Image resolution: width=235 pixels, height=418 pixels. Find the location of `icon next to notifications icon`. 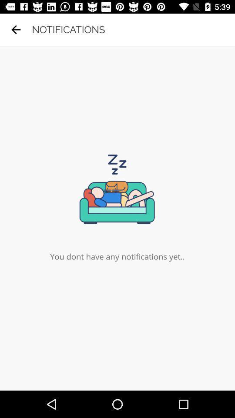

icon next to notifications icon is located at coordinates (16, 30).